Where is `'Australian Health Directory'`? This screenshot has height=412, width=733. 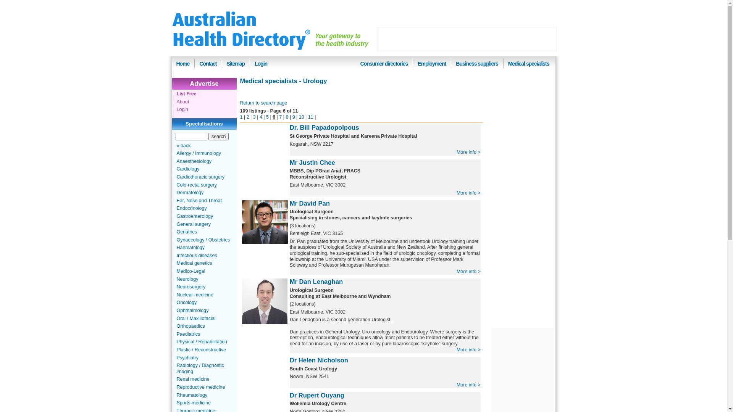
'Australian Health Directory' is located at coordinates (171, 30).